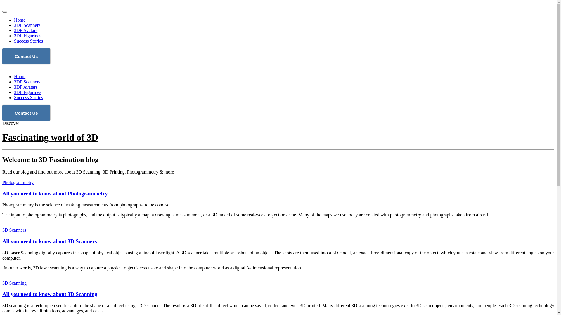 Image resolution: width=561 pixels, height=315 pixels. I want to click on 'Photogrammetry', so click(18, 182).